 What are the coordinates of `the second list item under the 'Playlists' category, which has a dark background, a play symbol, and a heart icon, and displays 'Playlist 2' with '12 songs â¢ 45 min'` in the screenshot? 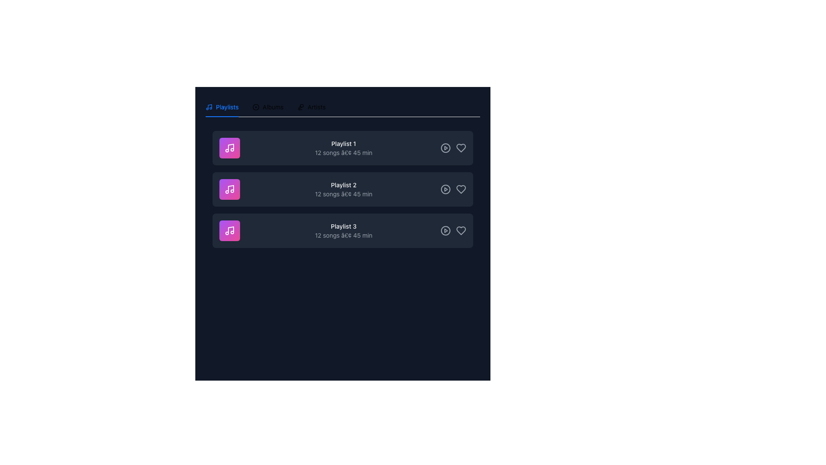 It's located at (342, 189).